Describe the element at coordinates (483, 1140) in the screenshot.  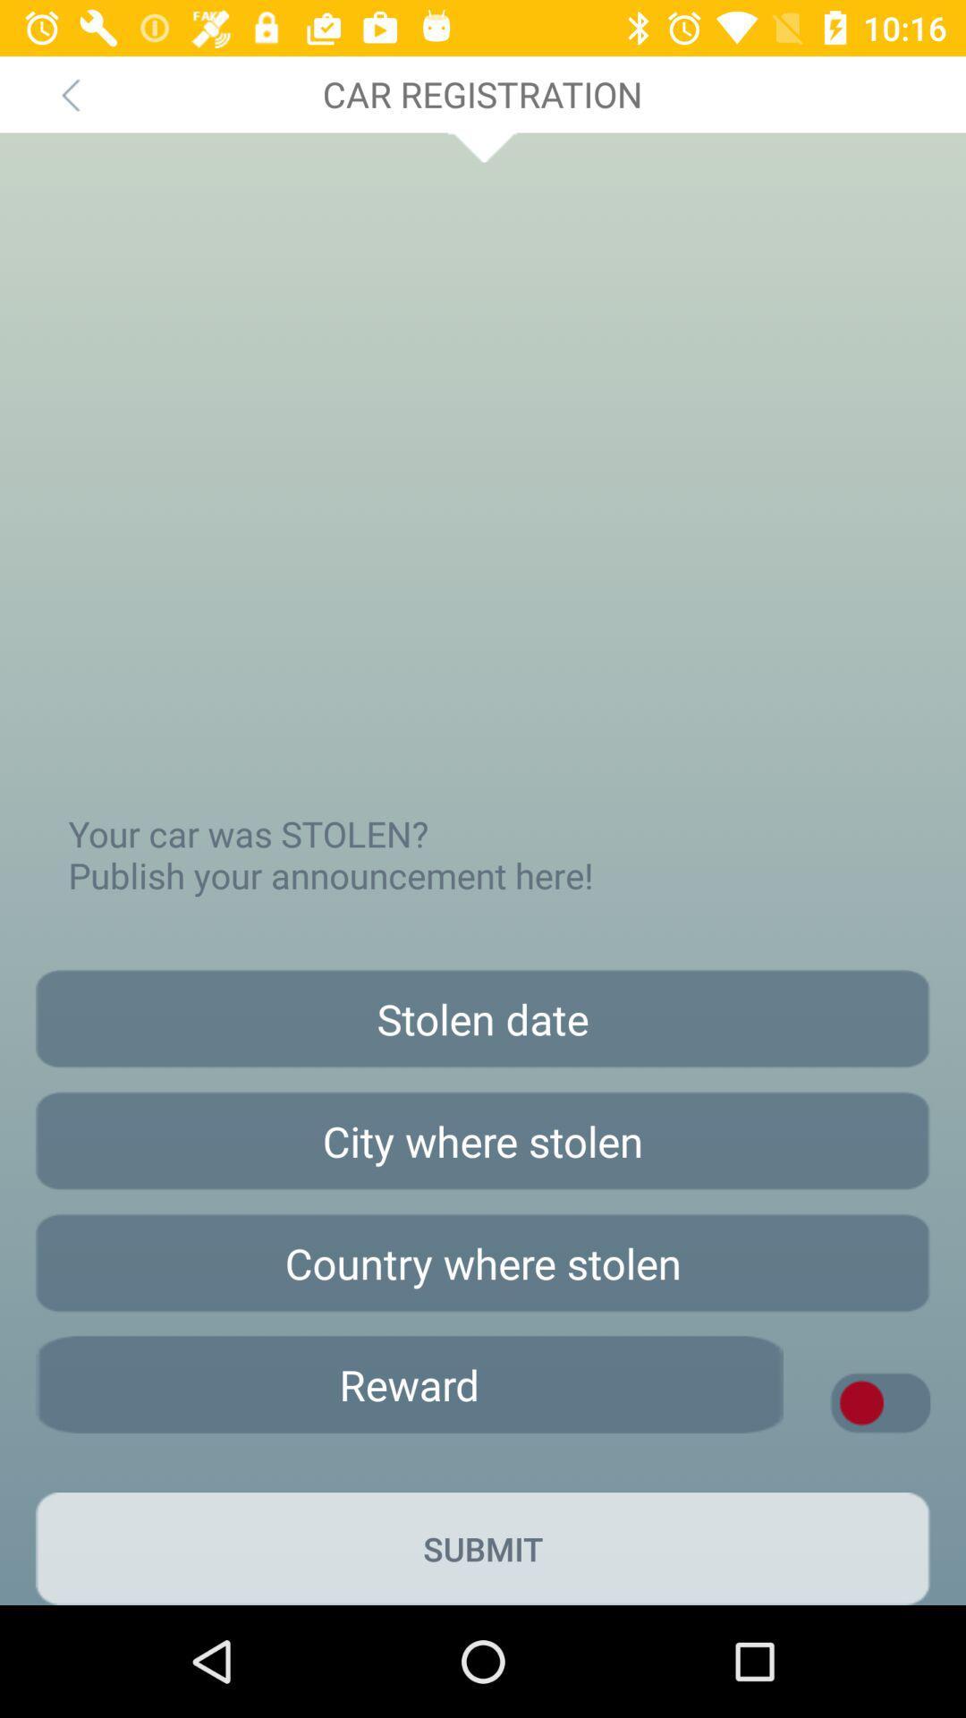
I see `share city information` at that location.